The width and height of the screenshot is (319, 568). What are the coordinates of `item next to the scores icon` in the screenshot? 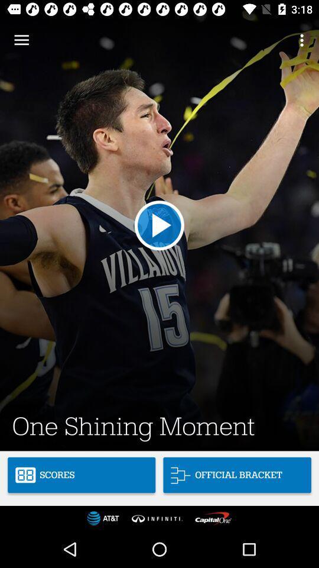 It's located at (237, 475).